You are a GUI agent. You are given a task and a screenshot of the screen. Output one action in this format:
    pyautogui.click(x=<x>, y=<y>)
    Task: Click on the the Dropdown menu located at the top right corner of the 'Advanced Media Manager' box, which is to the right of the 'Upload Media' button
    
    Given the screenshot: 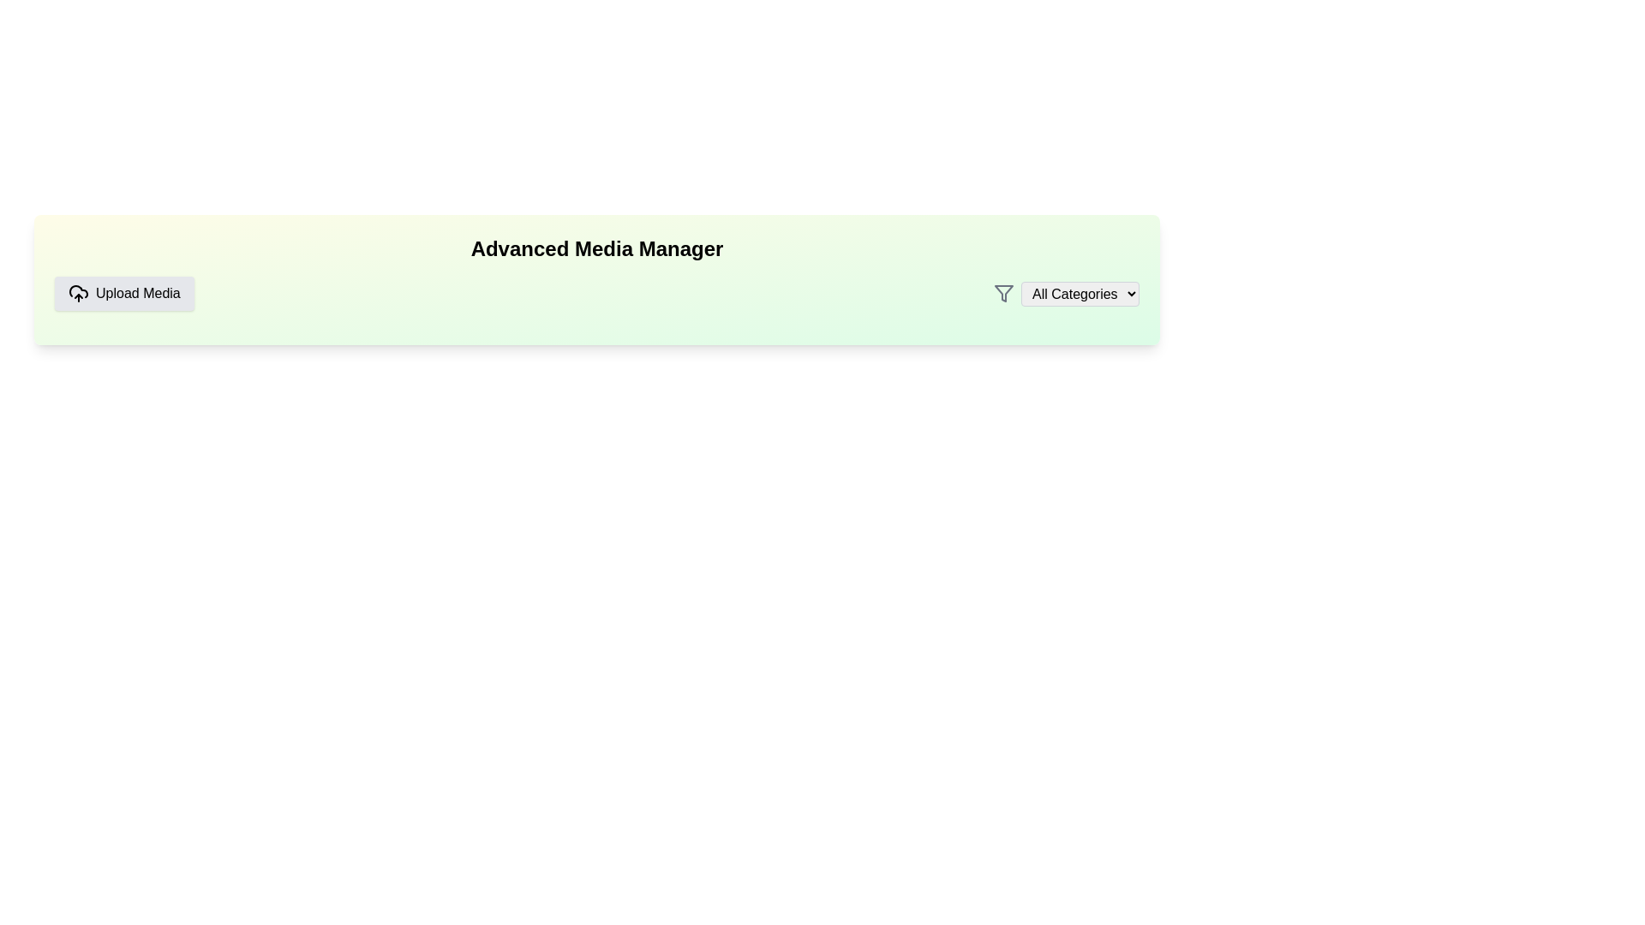 What is the action you would take?
    pyautogui.click(x=1065, y=293)
    